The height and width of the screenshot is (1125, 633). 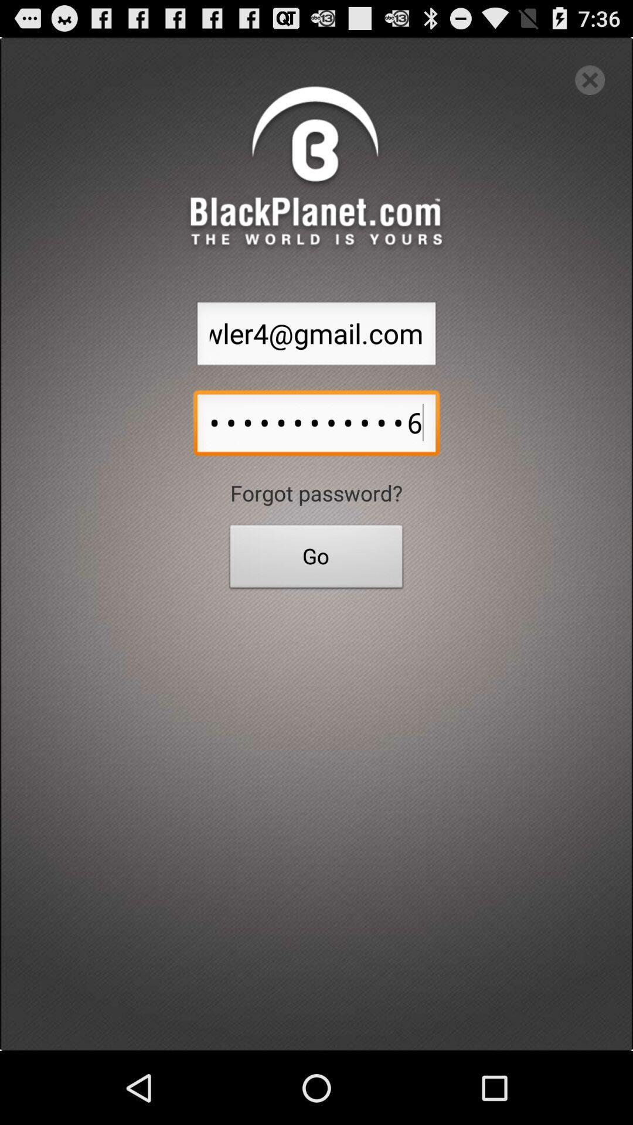 I want to click on go back, so click(x=590, y=79).